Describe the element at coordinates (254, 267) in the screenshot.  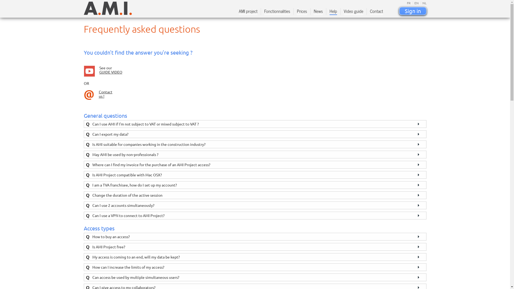
I see `'Q How can I increase the limits of my access?'` at that location.